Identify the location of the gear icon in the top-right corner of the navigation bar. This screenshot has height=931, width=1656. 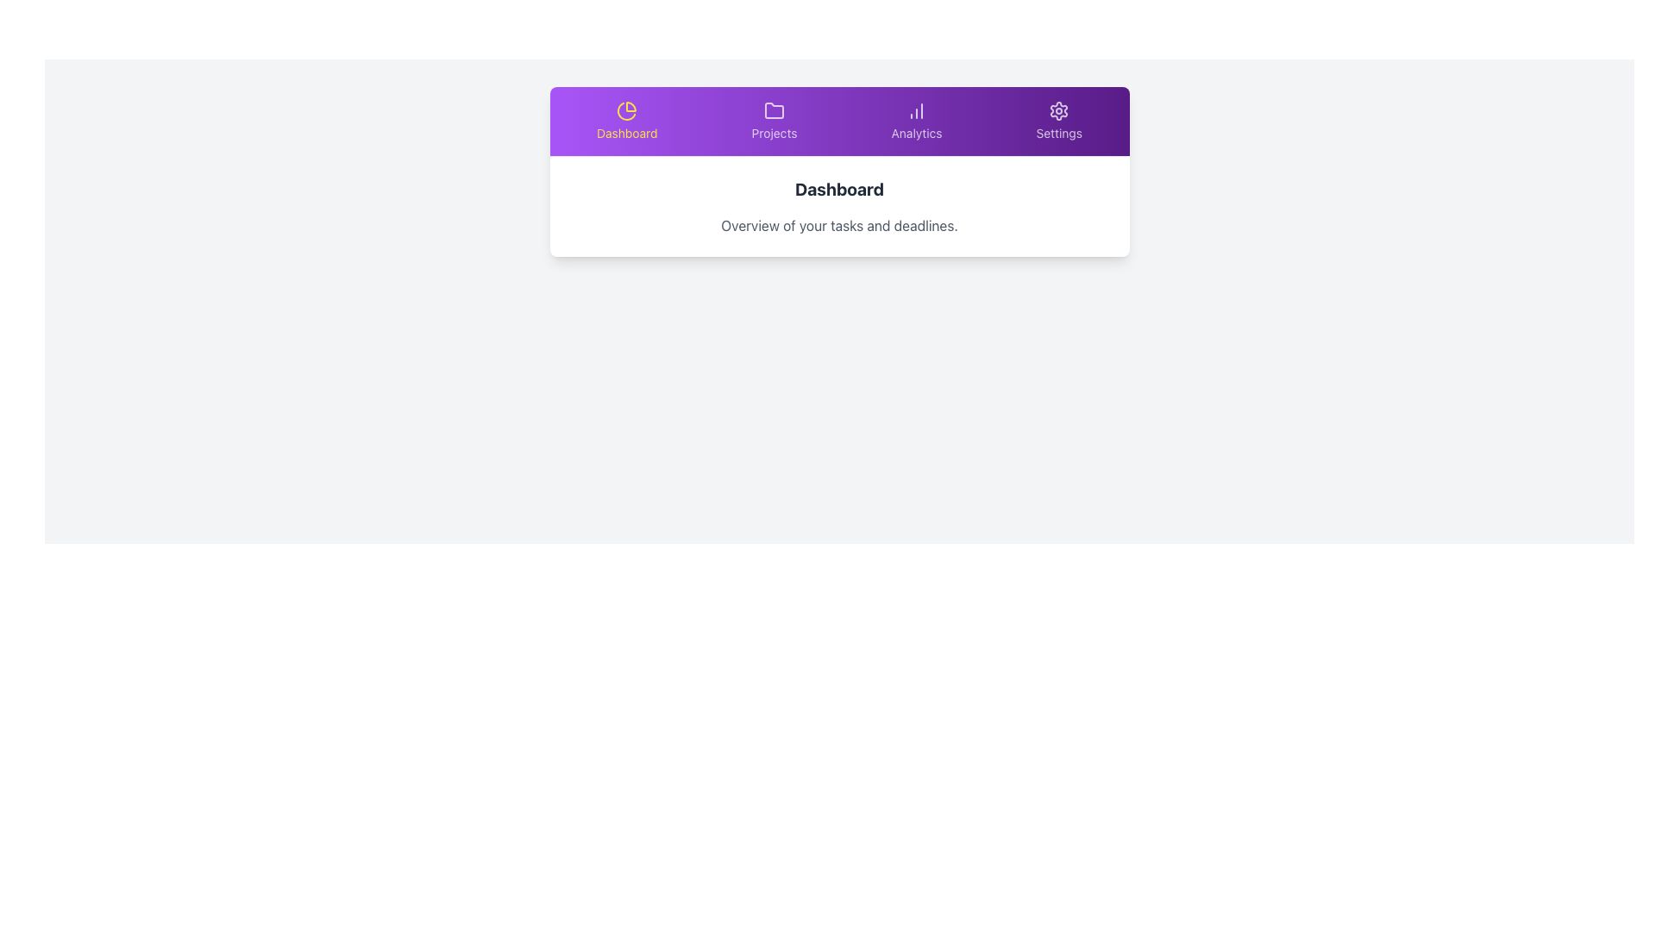
(1058, 110).